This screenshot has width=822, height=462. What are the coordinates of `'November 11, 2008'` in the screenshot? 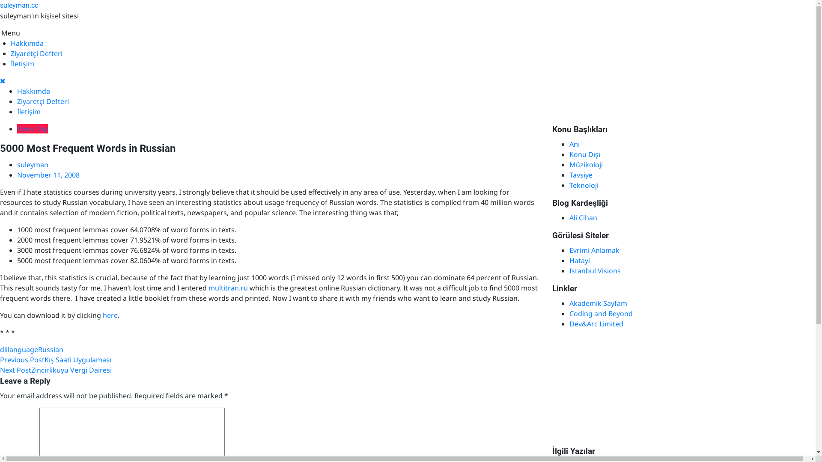 It's located at (17, 174).